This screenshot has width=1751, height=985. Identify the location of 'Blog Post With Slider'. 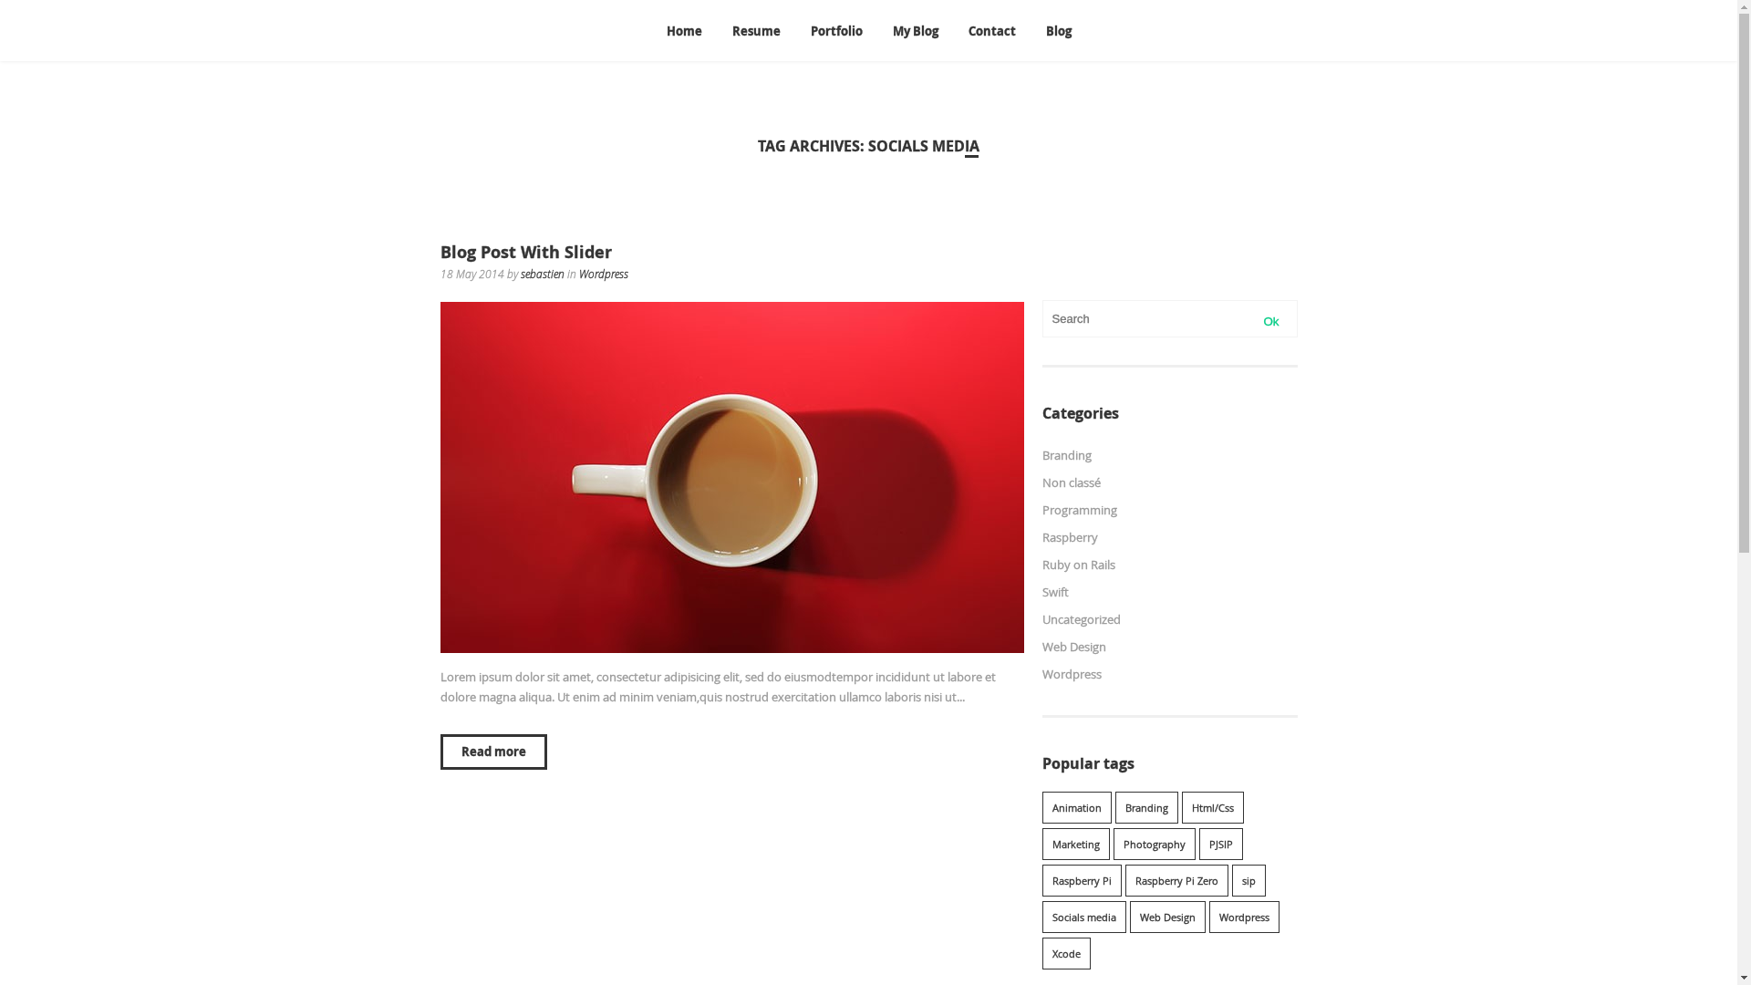
(524, 252).